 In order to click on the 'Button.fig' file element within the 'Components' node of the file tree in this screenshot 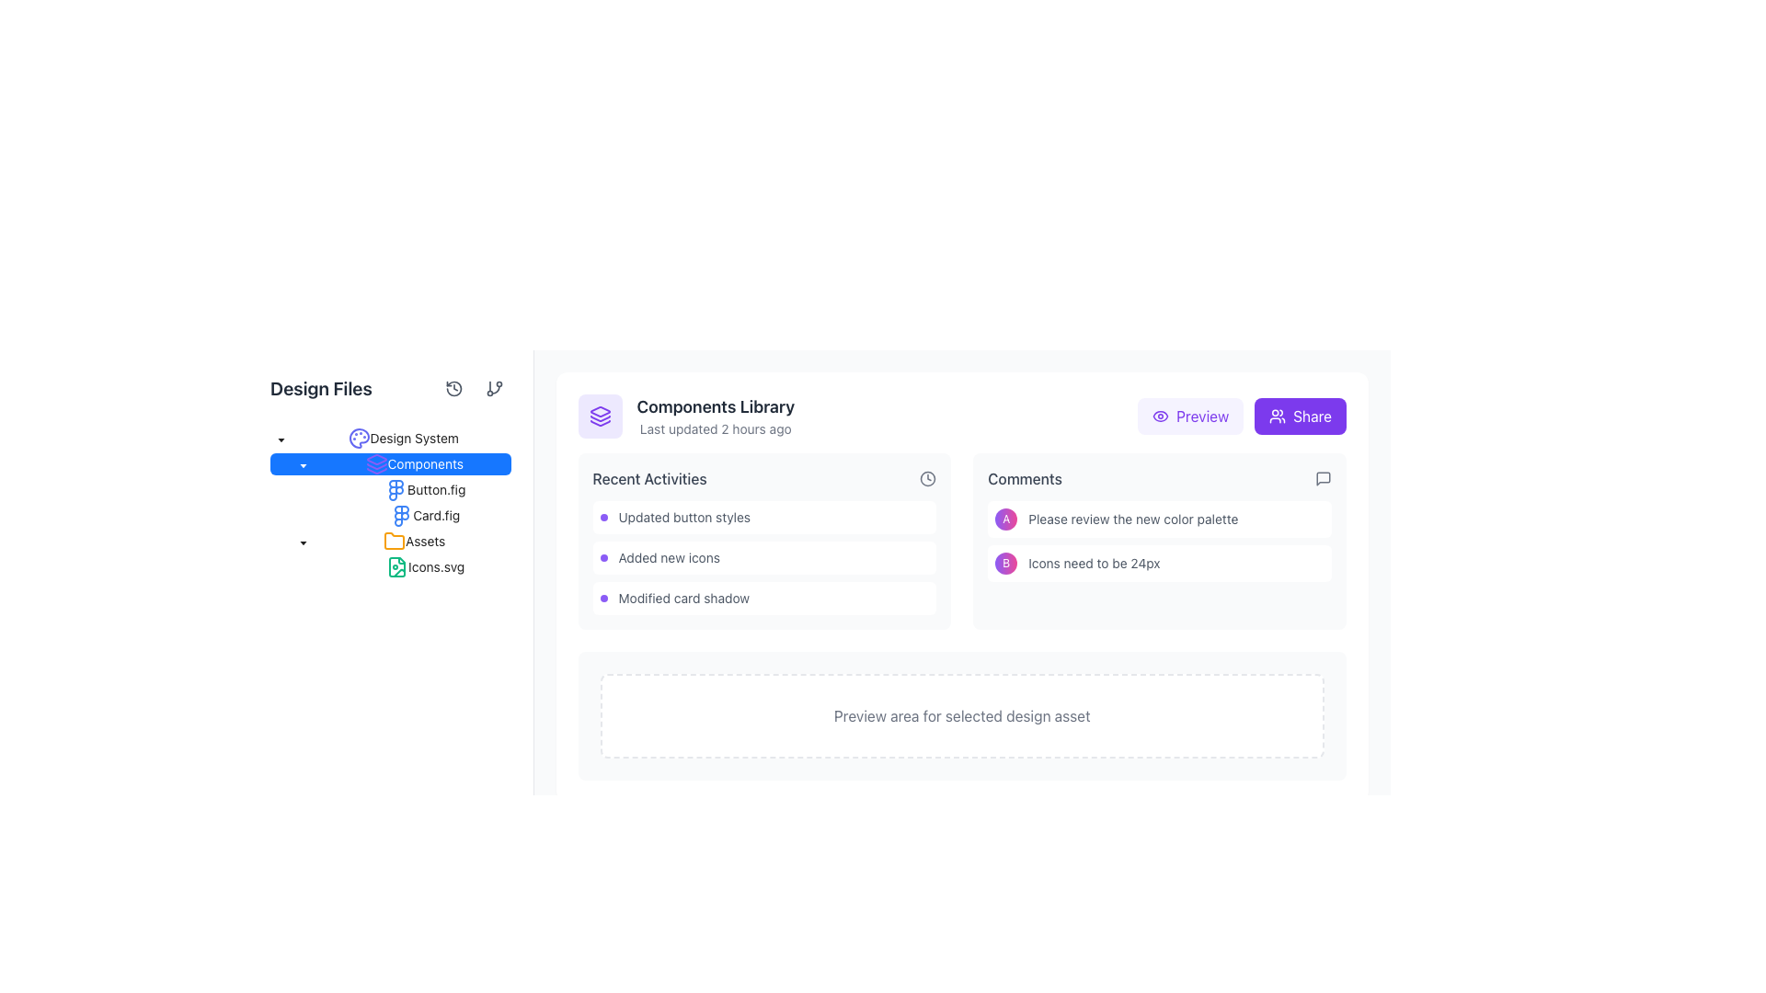, I will do `click(389, 488)`.